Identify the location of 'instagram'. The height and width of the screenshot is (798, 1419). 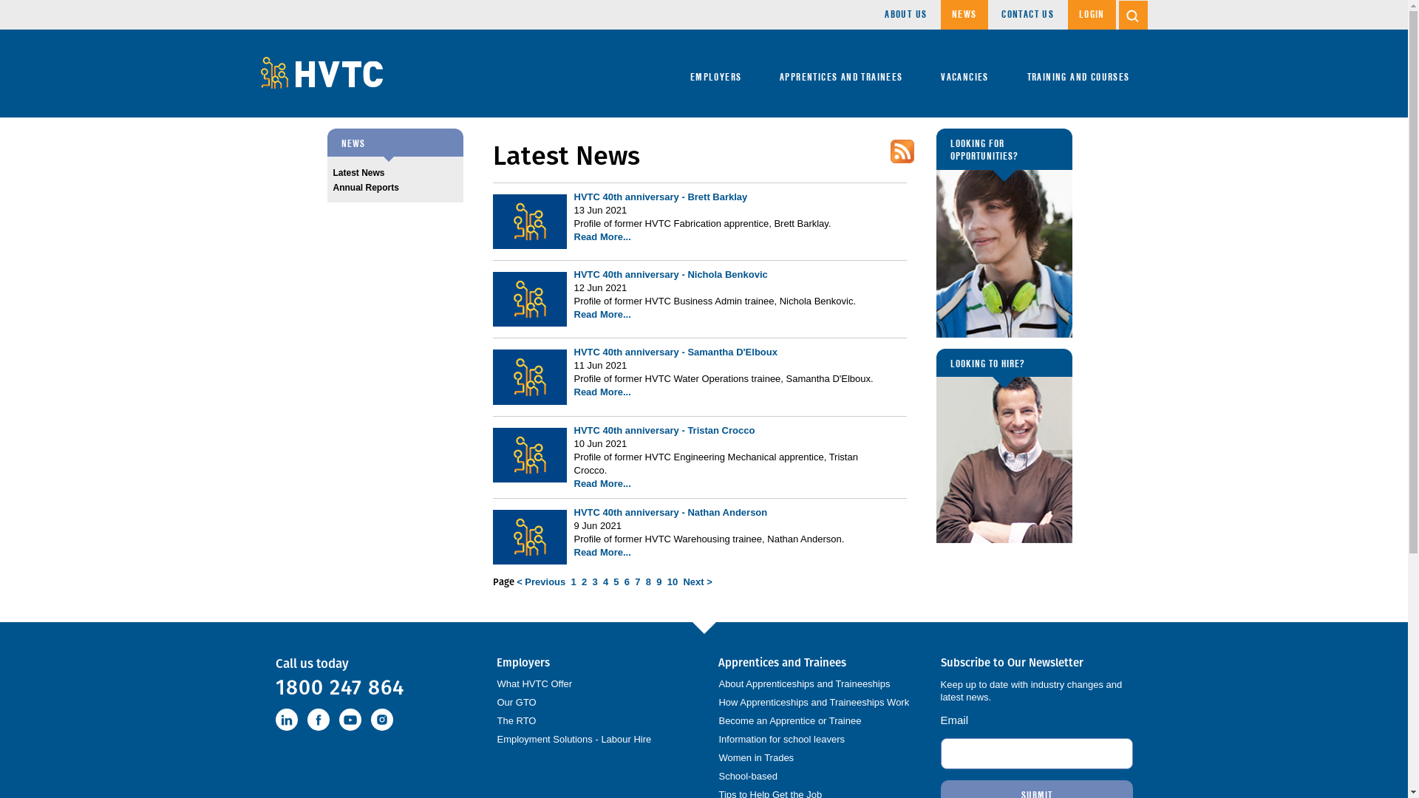
(382, 719).